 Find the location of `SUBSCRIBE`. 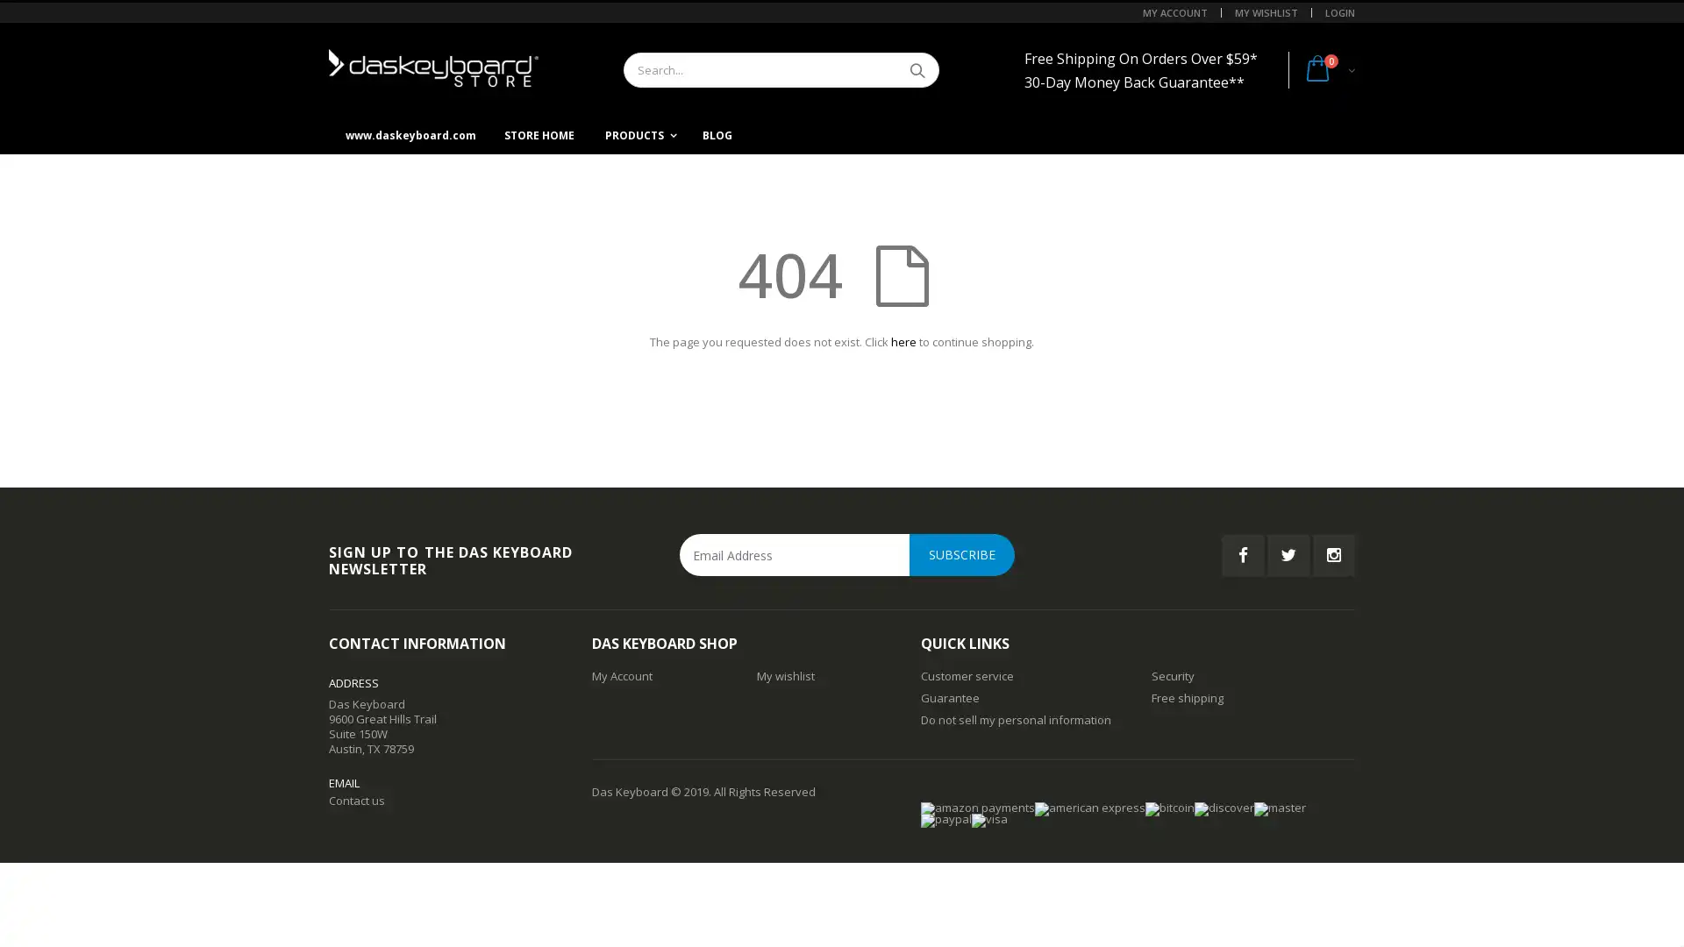

SUBSCRIBE is located at coordinates (961, 554).